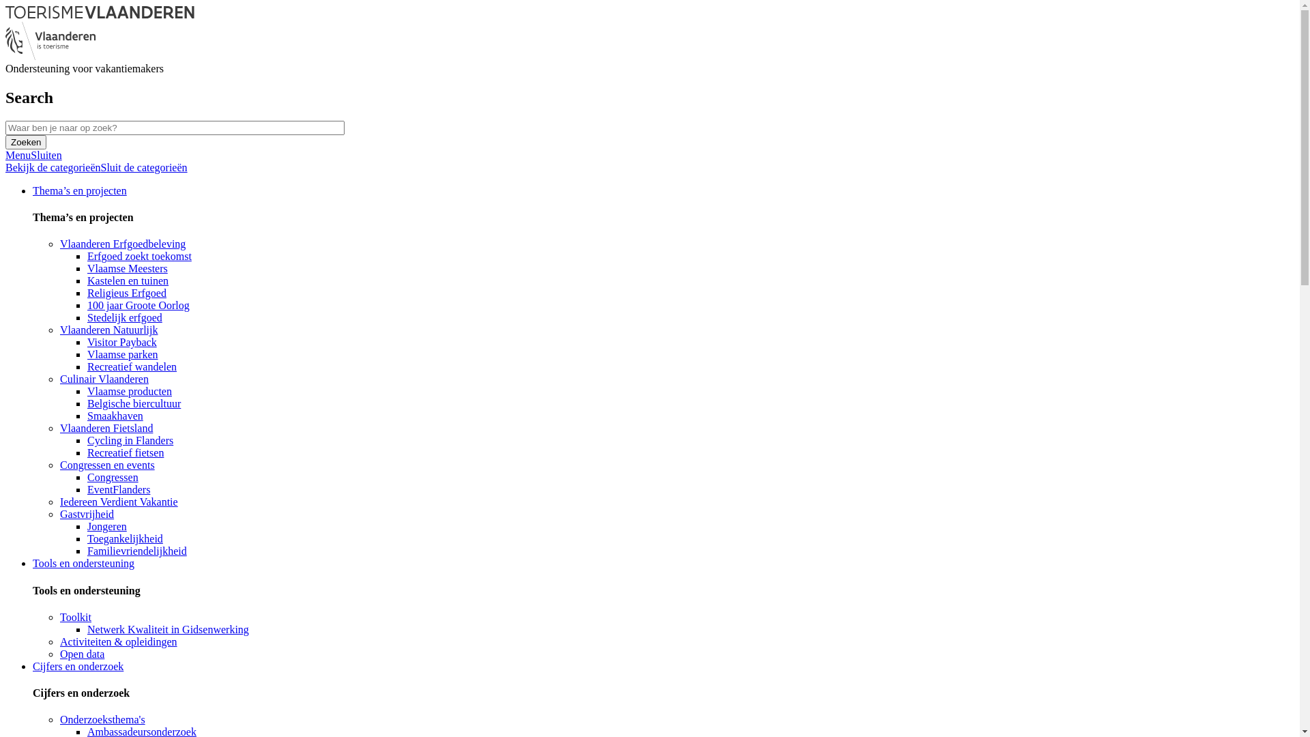  I want to click on 'Vlaamse Meesters', so click(128, 268).